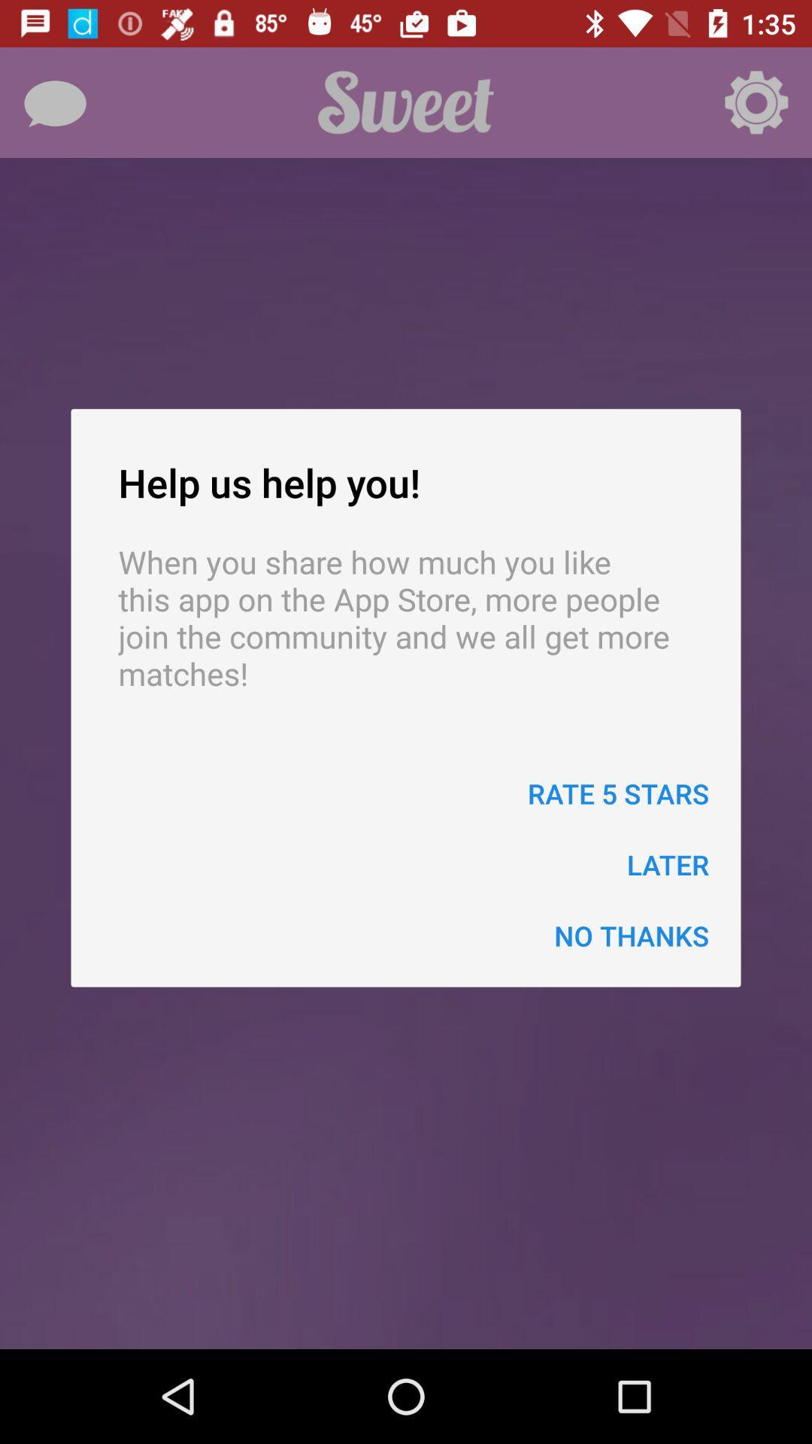 The height and width of the screenshot is (1444, 812). Describe the element at coordinates (618, 793) in the screenshot. I see `the item below when you share` at that location.